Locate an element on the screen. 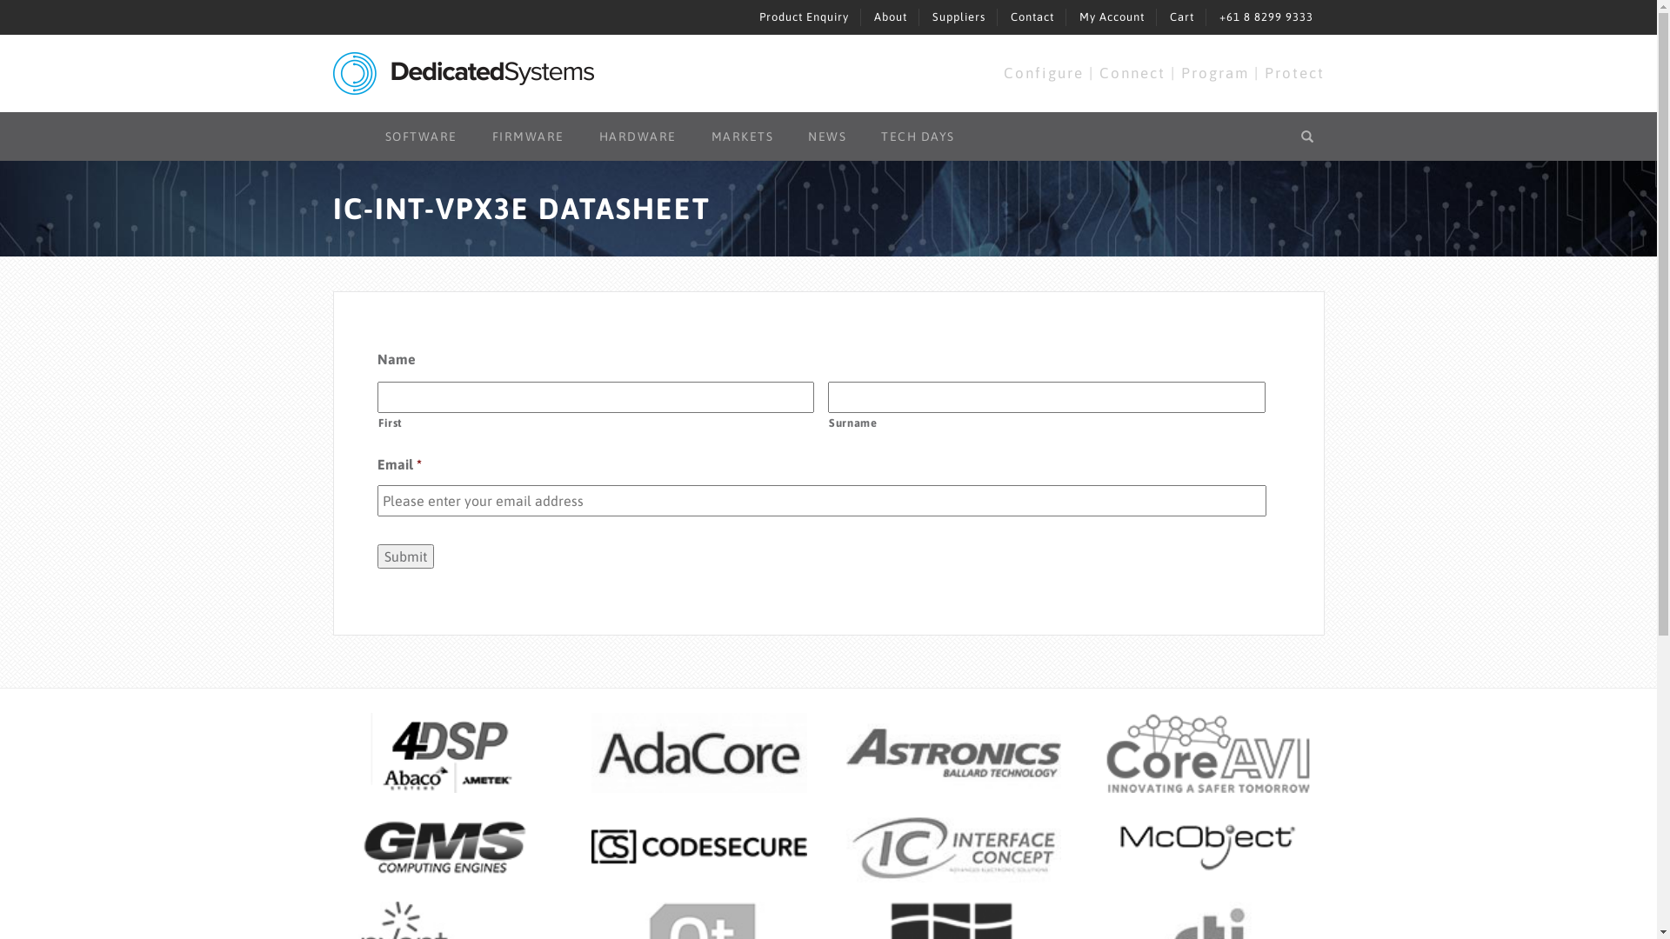  '+61 8 8299 9333' is located at coordinates (1266, 17).